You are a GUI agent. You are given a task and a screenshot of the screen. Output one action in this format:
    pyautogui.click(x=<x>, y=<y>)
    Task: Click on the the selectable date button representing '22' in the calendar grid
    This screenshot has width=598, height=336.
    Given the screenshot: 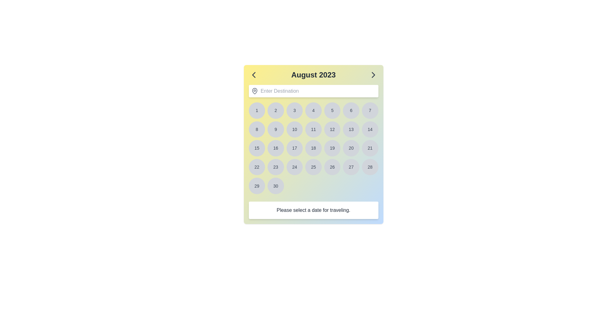 What is the action you would take?
    pyautogui.click(x=257, y=166)
    